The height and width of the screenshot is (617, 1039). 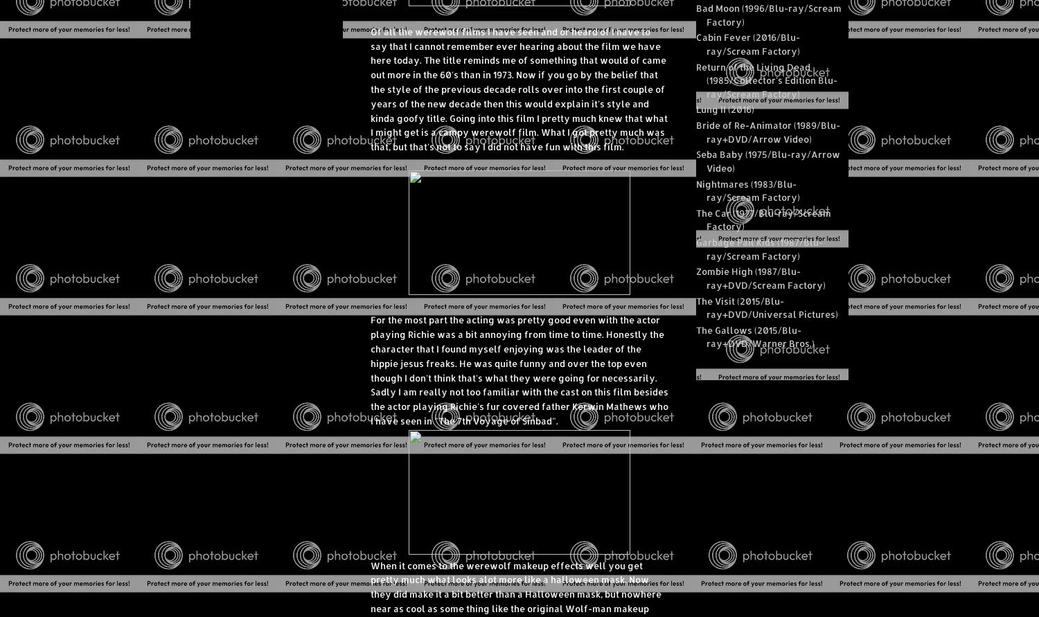 What do you see at coordinates (696, 79) in the screenshot?
I see `'Return of the Living Dead (1985/Collector's Edition Blu-ray/Scream Factory)'` at bounding box center [696, 79].